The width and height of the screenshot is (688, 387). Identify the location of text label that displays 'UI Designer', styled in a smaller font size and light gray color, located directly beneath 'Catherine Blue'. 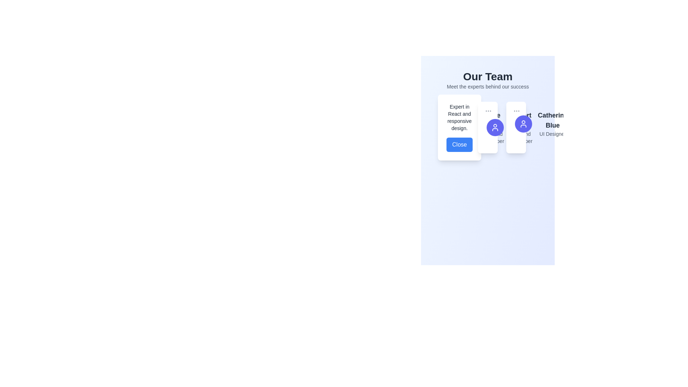
(552, 134).